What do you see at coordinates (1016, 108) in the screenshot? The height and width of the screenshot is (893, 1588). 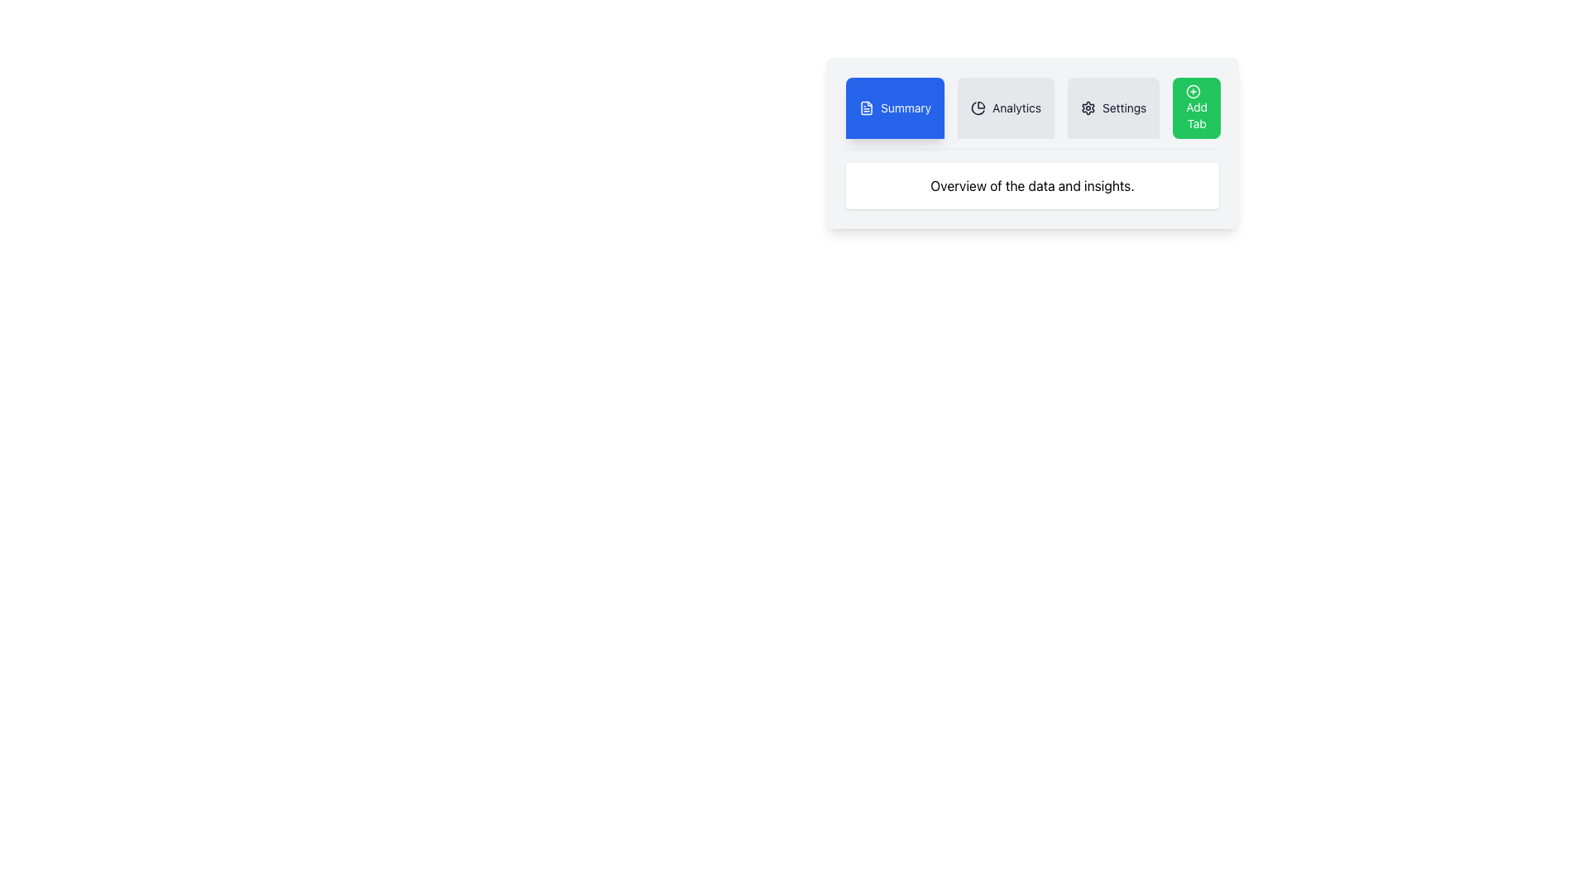 I see `the Analytics label located in the horizontal navigation bar, positioned between the 'Summary' and 'Settings' sections` at bounding box center [1016, 108].